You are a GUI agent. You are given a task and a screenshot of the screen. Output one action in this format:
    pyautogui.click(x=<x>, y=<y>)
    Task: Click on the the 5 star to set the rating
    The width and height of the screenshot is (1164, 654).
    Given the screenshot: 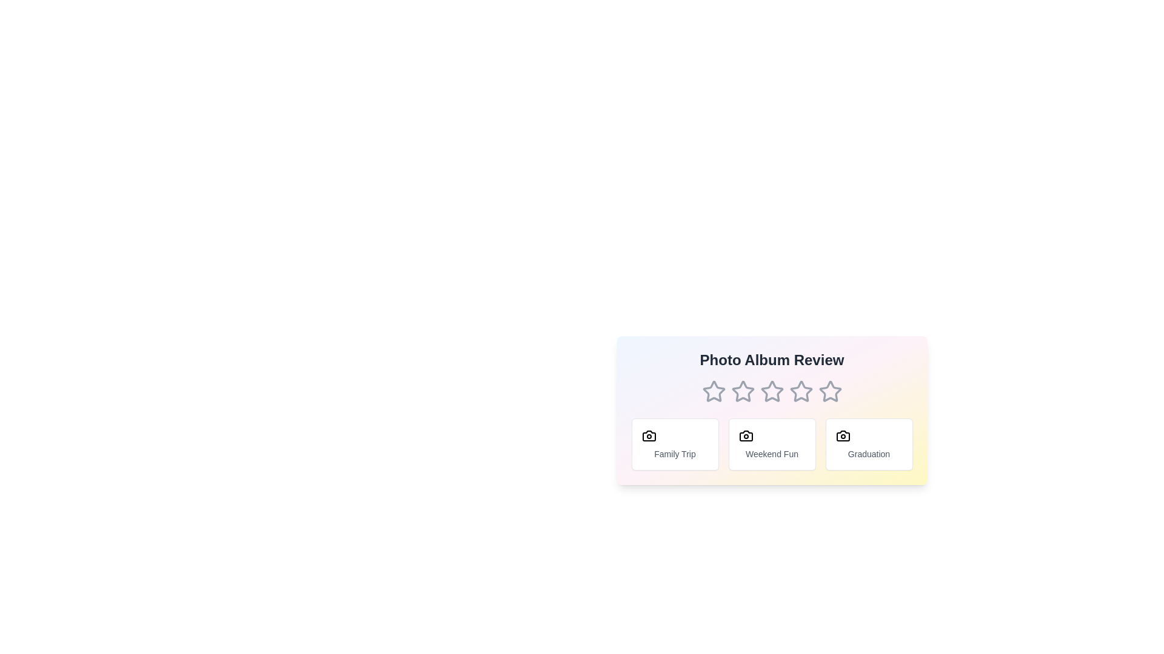 What is the action you would take?
    pyautogui.click(x=829, y=392)
    